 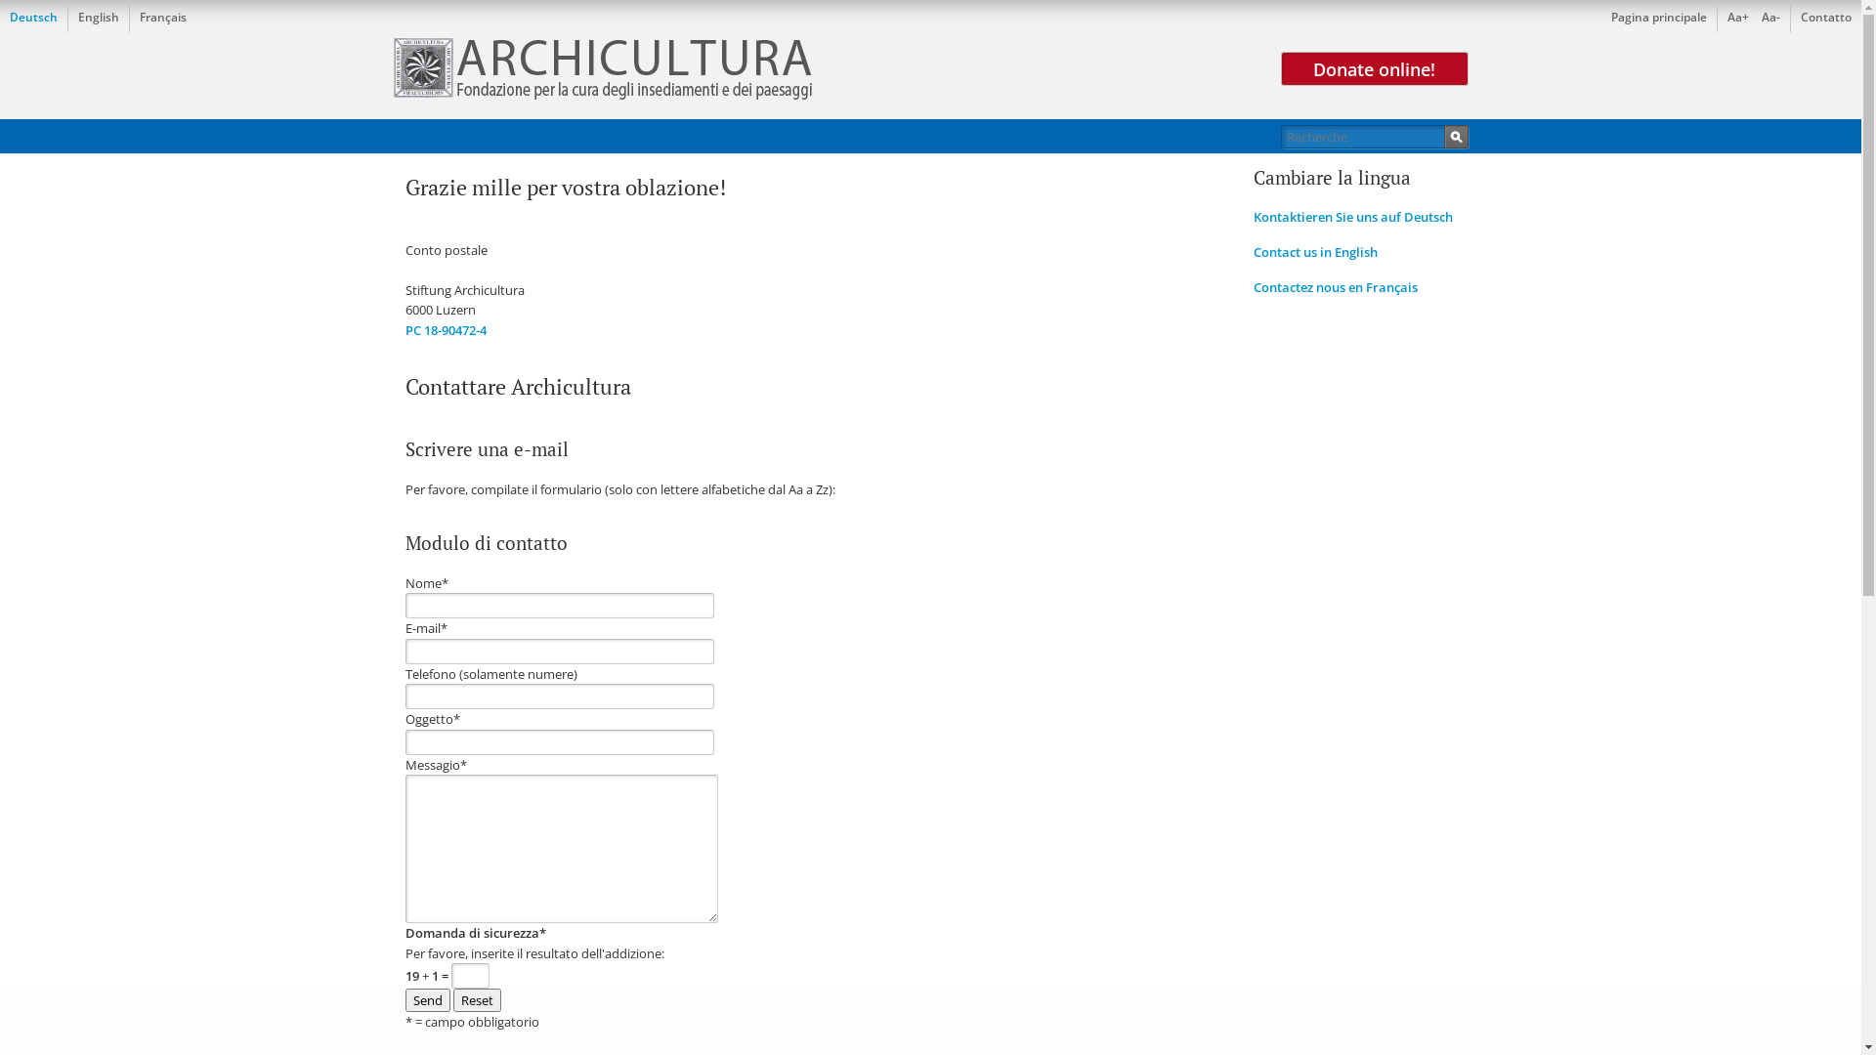 What do you see at coordinates (1314, 251) in the screenshot?
I see `'Contact us in English'` at bounding box center [1314, 251].